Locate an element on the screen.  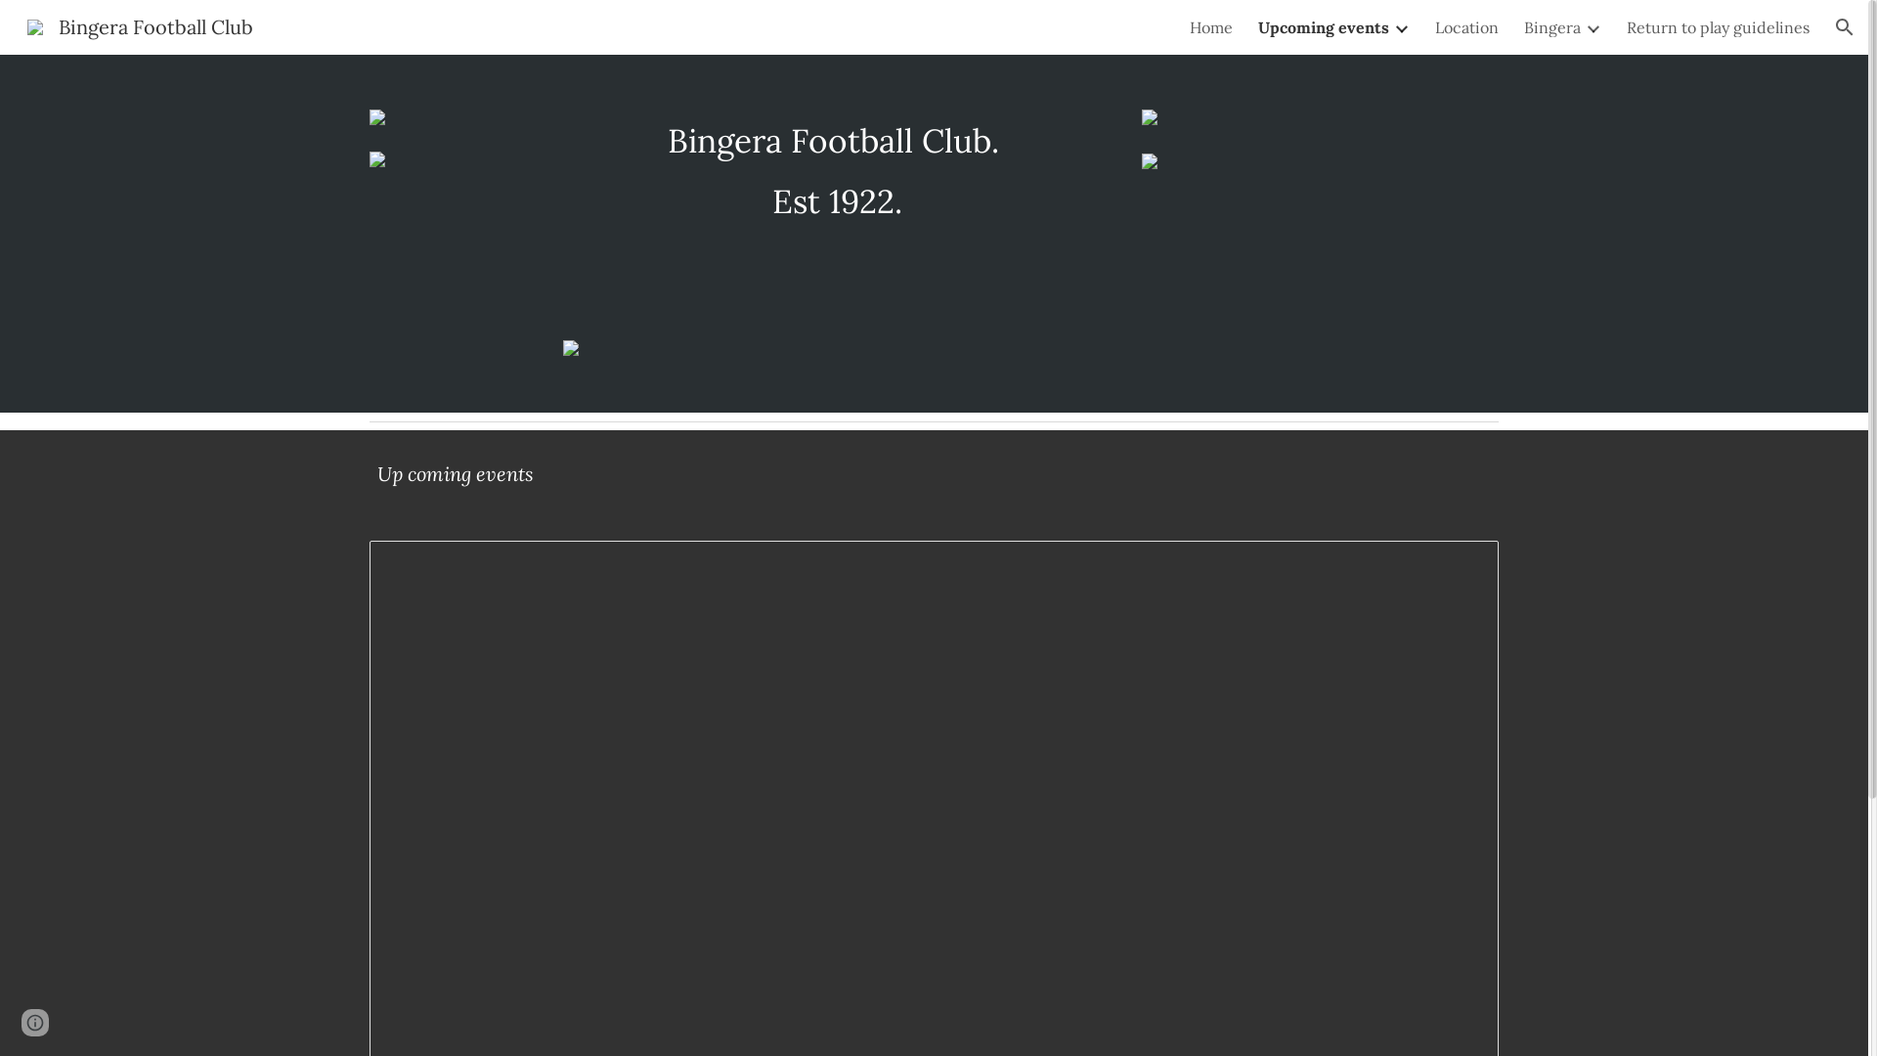
'Bingera' is located at coordinates (1551, 26).